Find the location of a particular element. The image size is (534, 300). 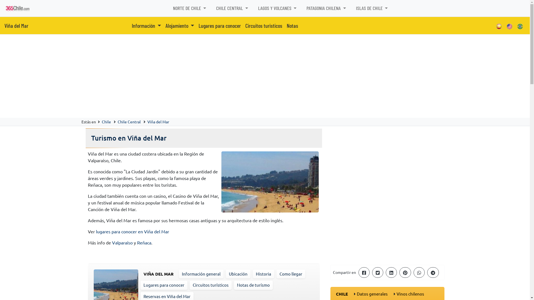

'ISLAS DE CHILE' is located at coordinates (372, 8).